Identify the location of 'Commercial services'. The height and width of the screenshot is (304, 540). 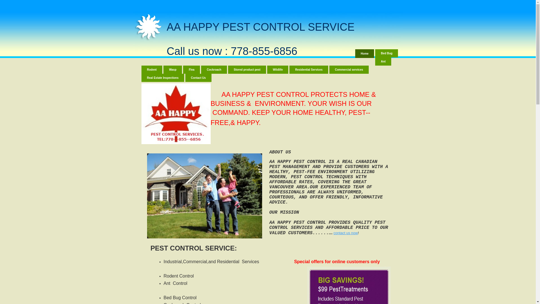
(349, 69).